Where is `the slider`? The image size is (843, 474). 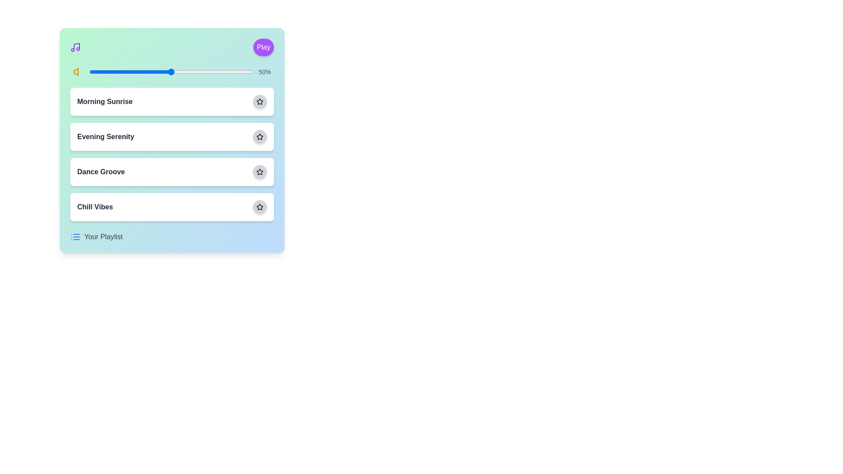
the slider is located at coordinates (128, 72).